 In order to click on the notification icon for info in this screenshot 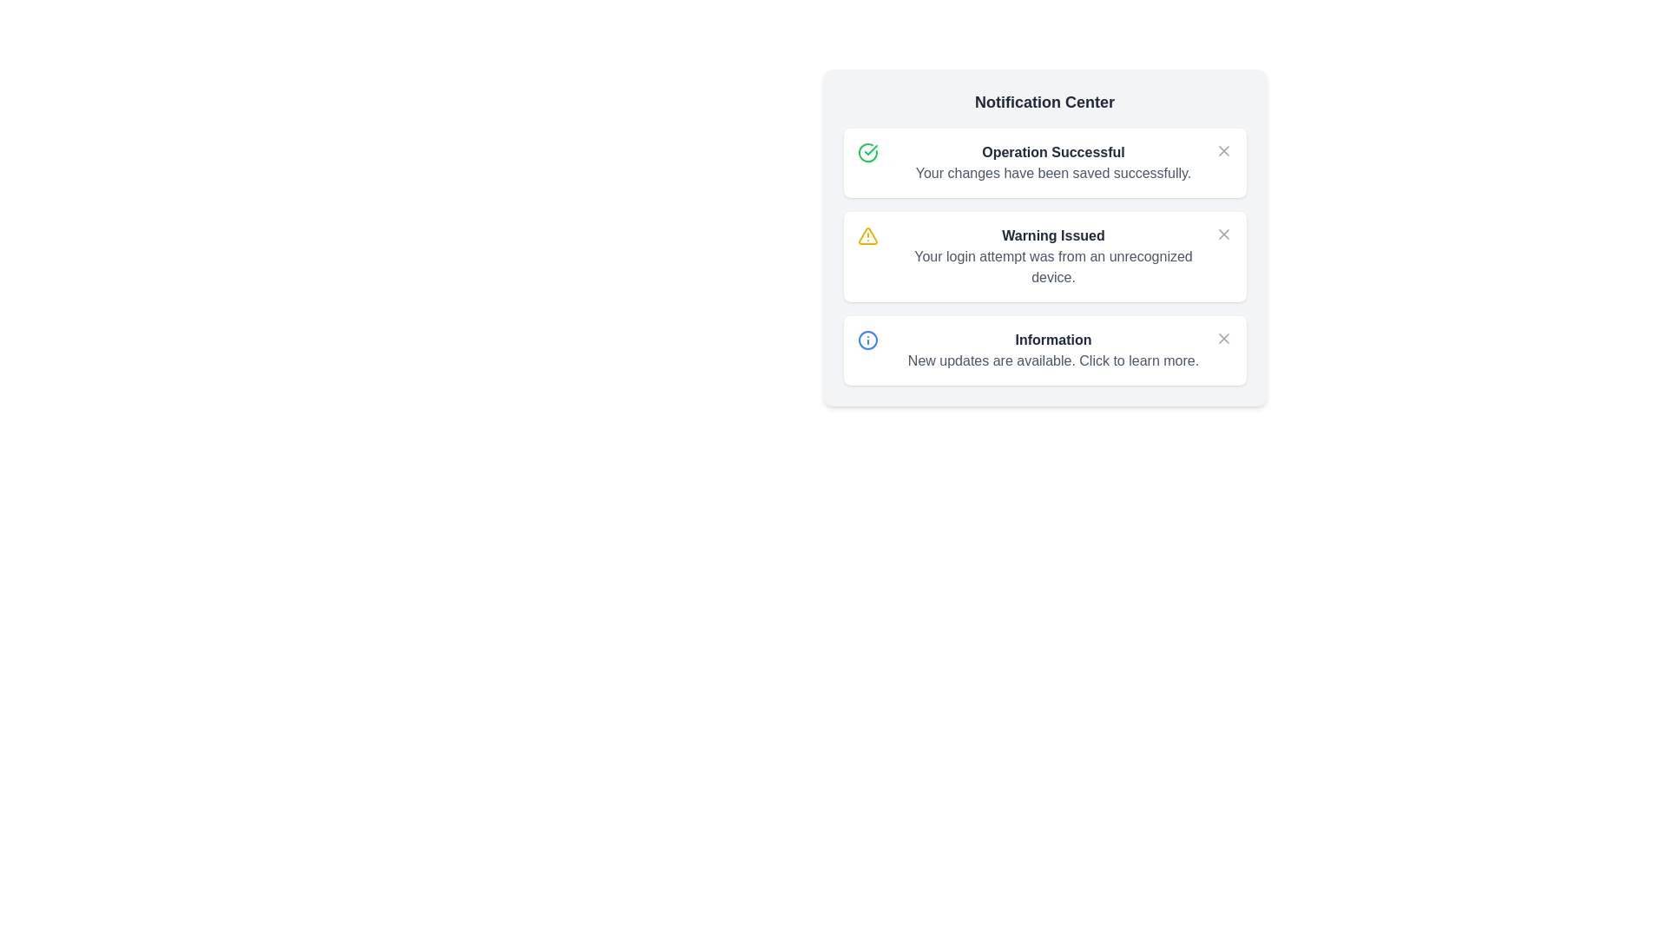, I will do `click(1222, 338)`.